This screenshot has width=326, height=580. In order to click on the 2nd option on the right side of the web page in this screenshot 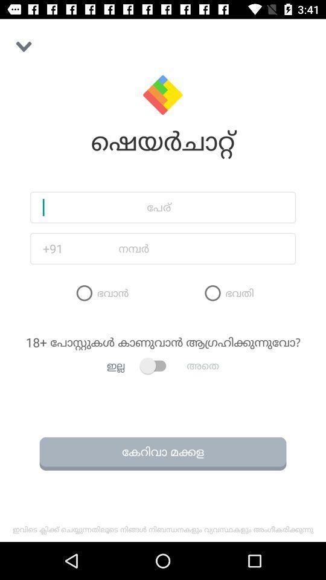, I will do `click(227, 292)`.